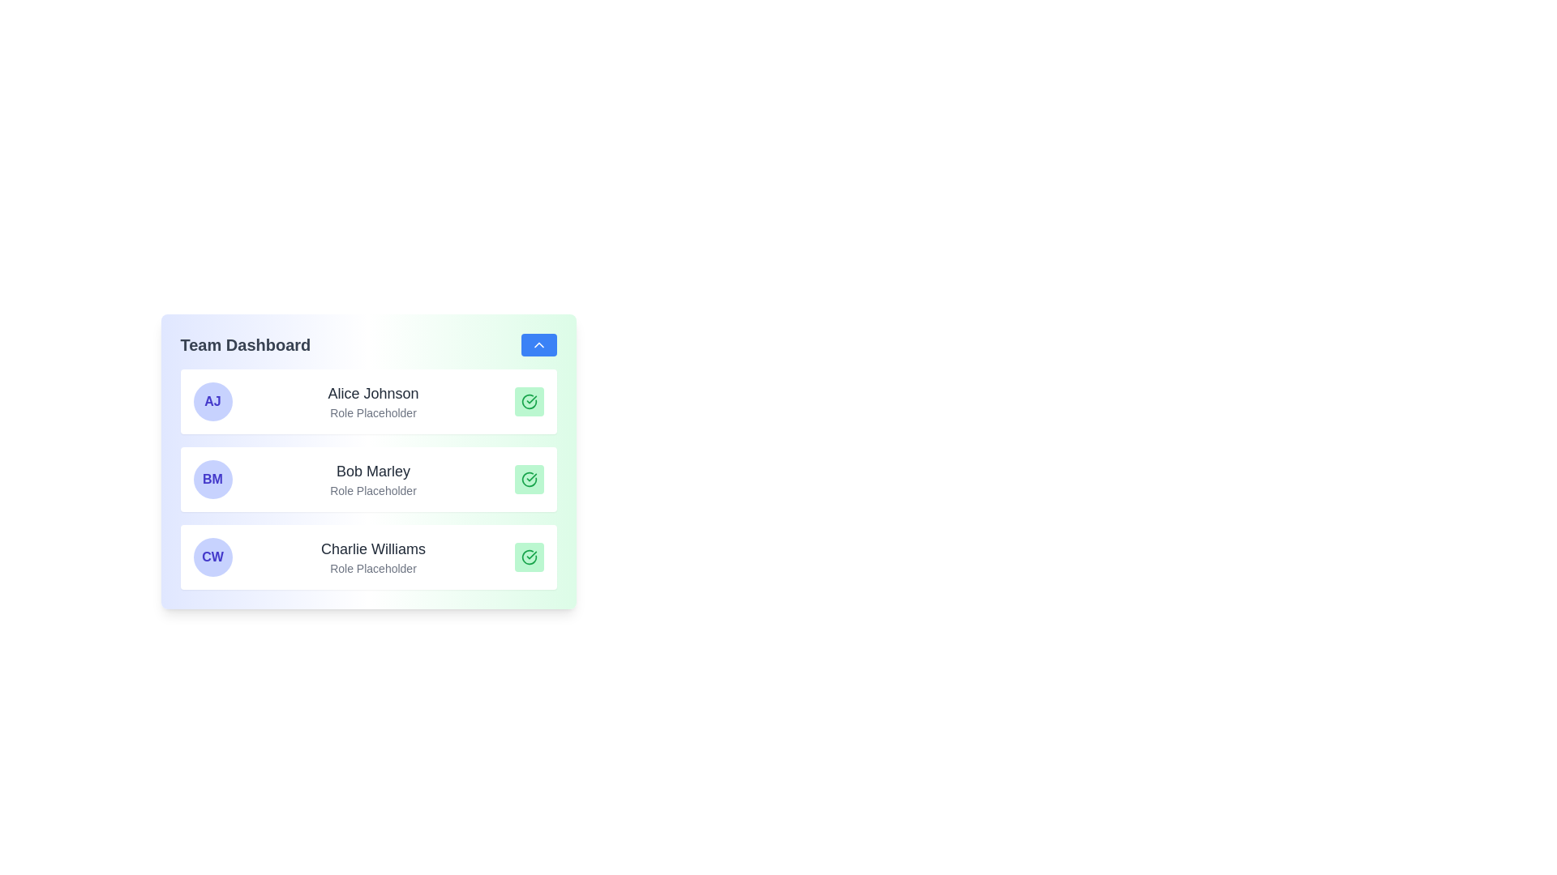 The width and height of the screenshot is (1557, 875). Describe the element at coordinates (372, 548) in the screenshot. I see `the text label displaying 'Charlie Williams' in the team member list` at that location.